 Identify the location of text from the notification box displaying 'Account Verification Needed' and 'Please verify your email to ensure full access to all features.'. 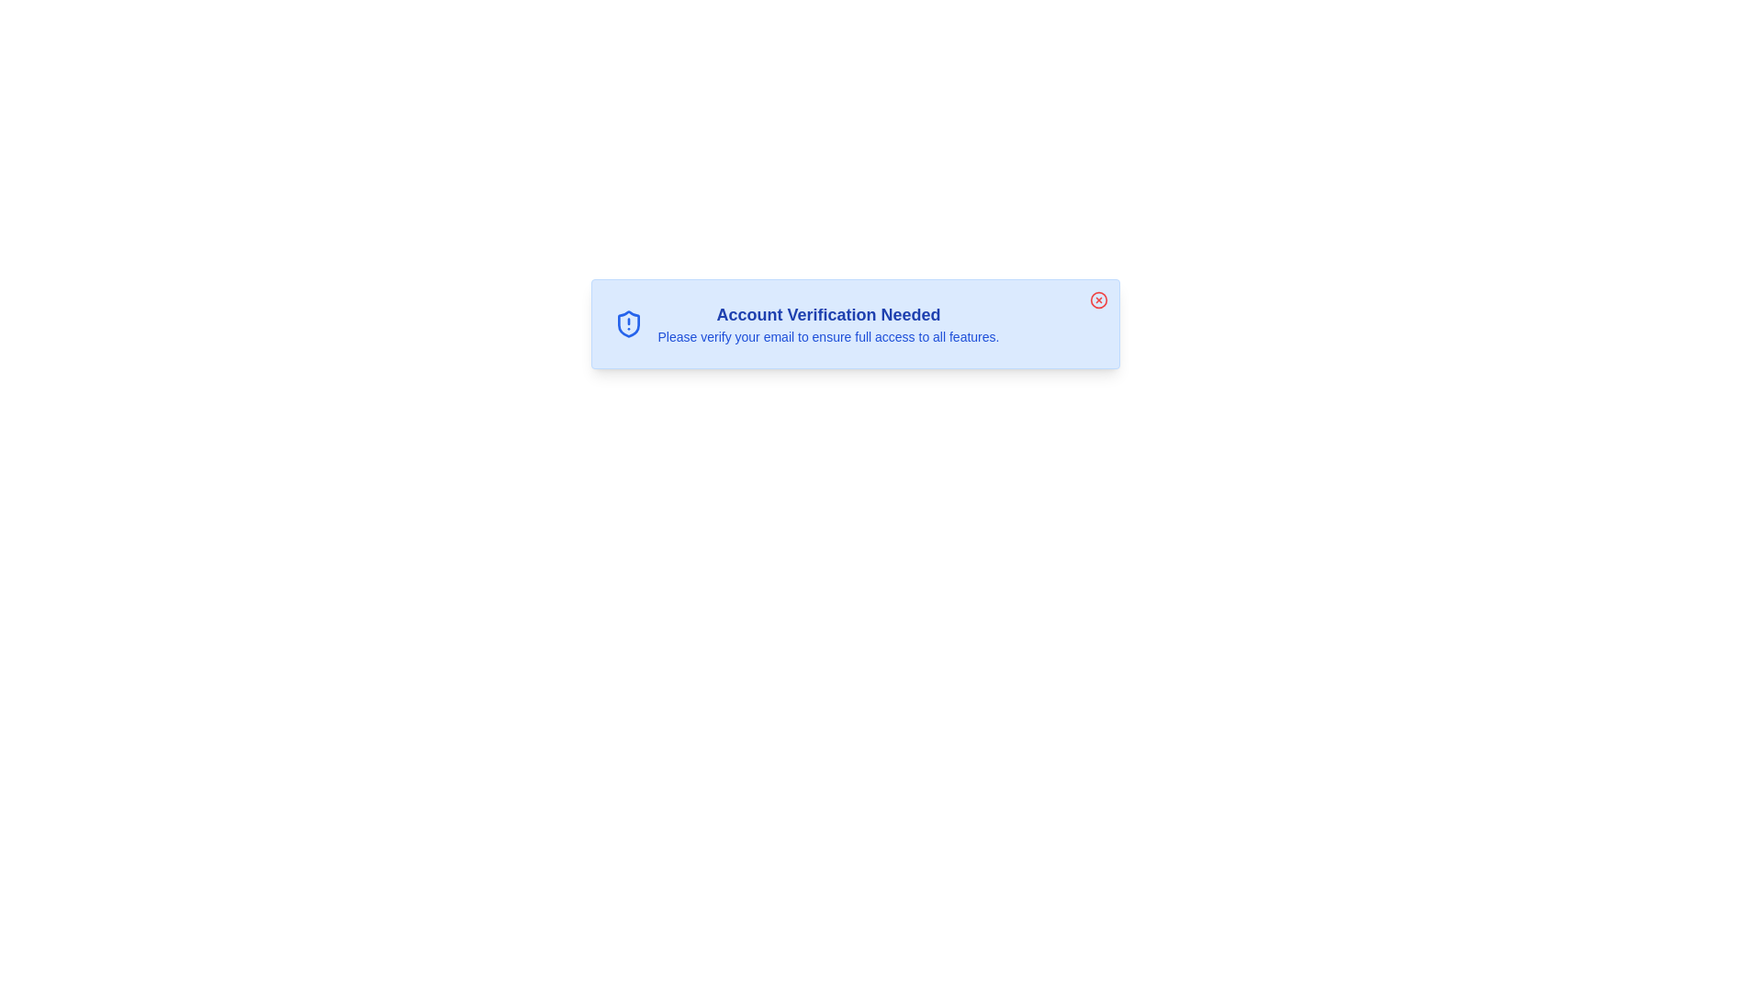
(854, 323).